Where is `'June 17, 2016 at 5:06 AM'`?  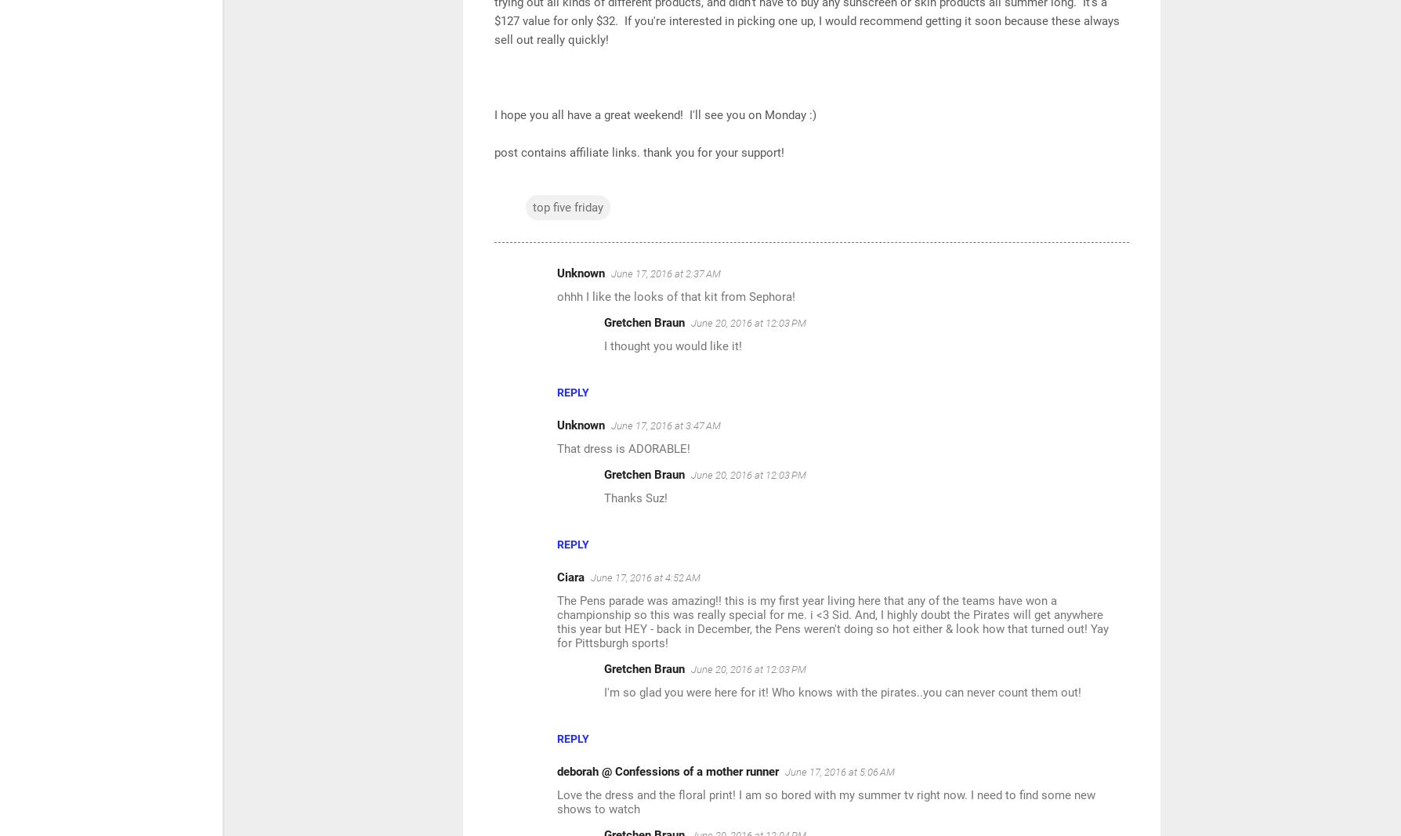 'June 17, 2016 at 5:06 AM' is located at coordinates (784, 772).